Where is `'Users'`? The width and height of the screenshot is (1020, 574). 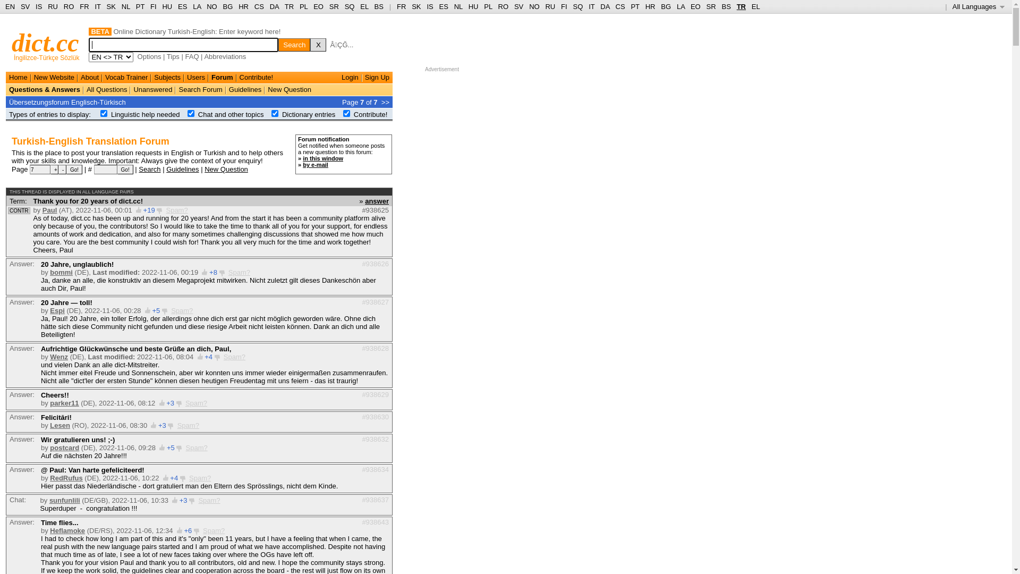 'Users' is located at coordinates (196, 77).